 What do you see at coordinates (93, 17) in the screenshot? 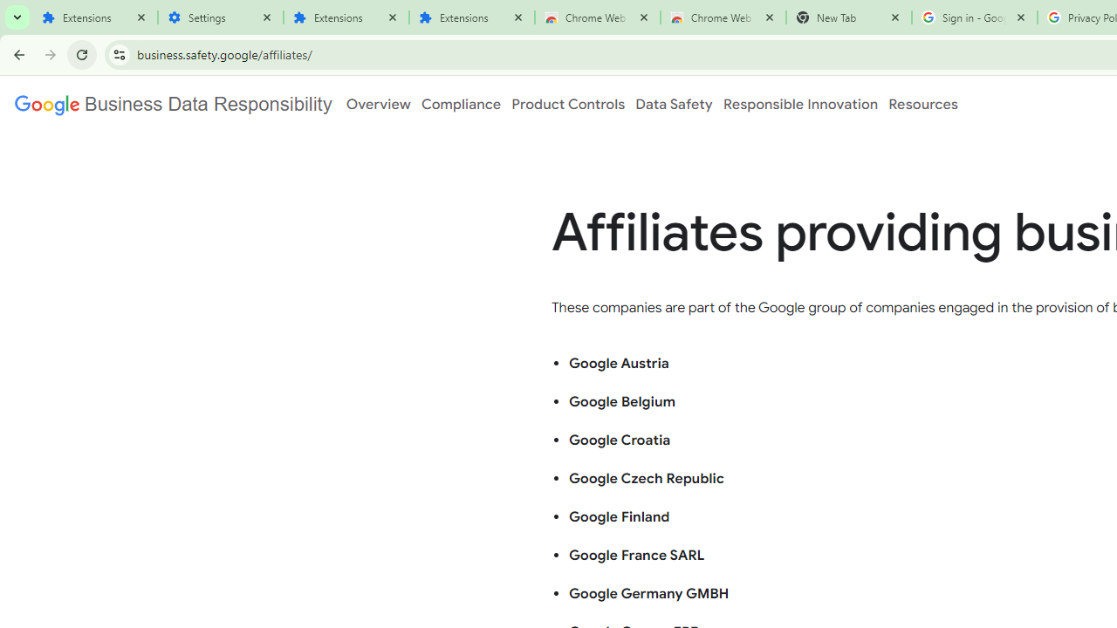
I see `'Extensions'` at bounding box center [93, 17].